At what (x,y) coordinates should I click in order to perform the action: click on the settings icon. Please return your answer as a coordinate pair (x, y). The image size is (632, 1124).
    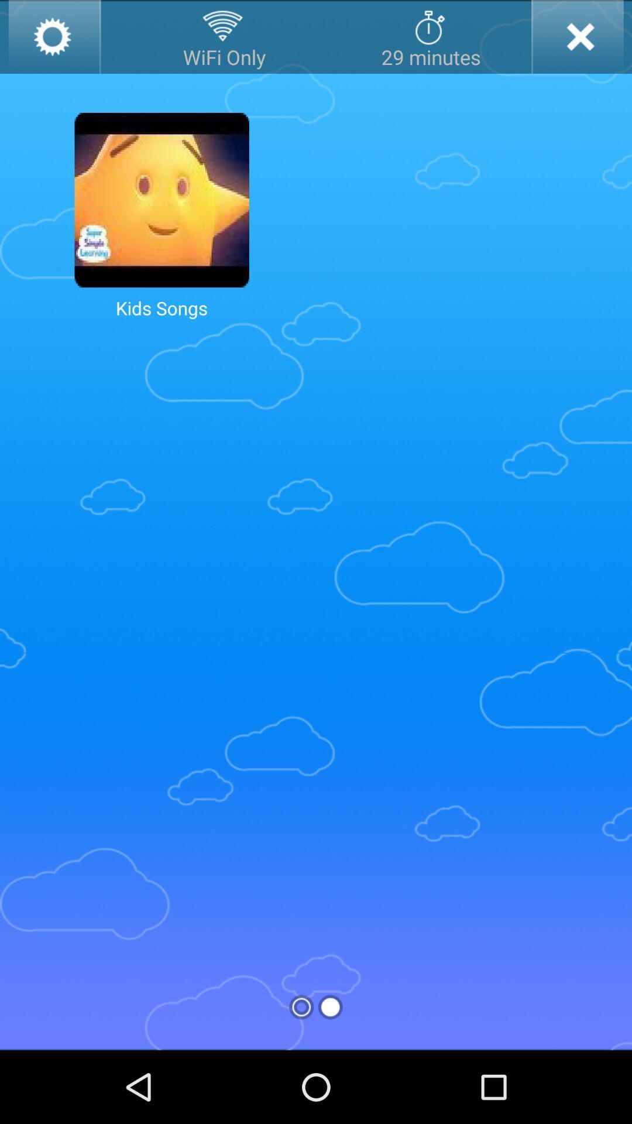
    Looking at the image, I should click on (54, 39).